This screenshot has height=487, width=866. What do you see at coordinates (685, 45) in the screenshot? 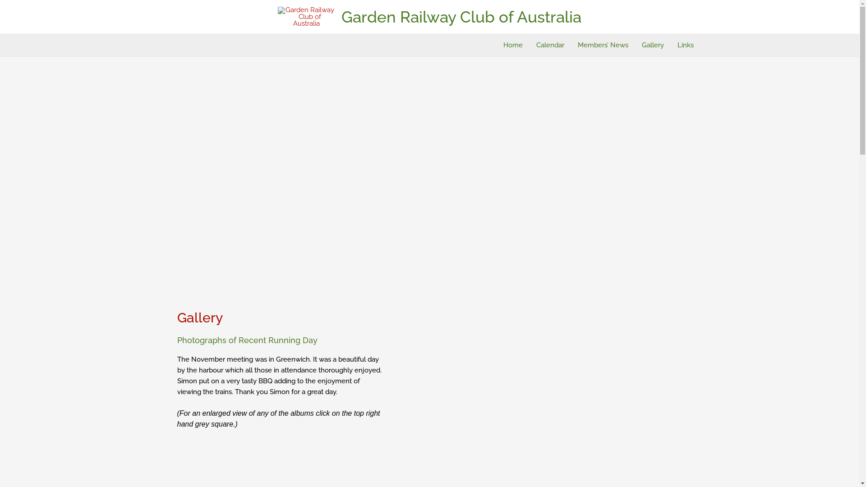
I see `'Links'` at bounding box center [685, 45].